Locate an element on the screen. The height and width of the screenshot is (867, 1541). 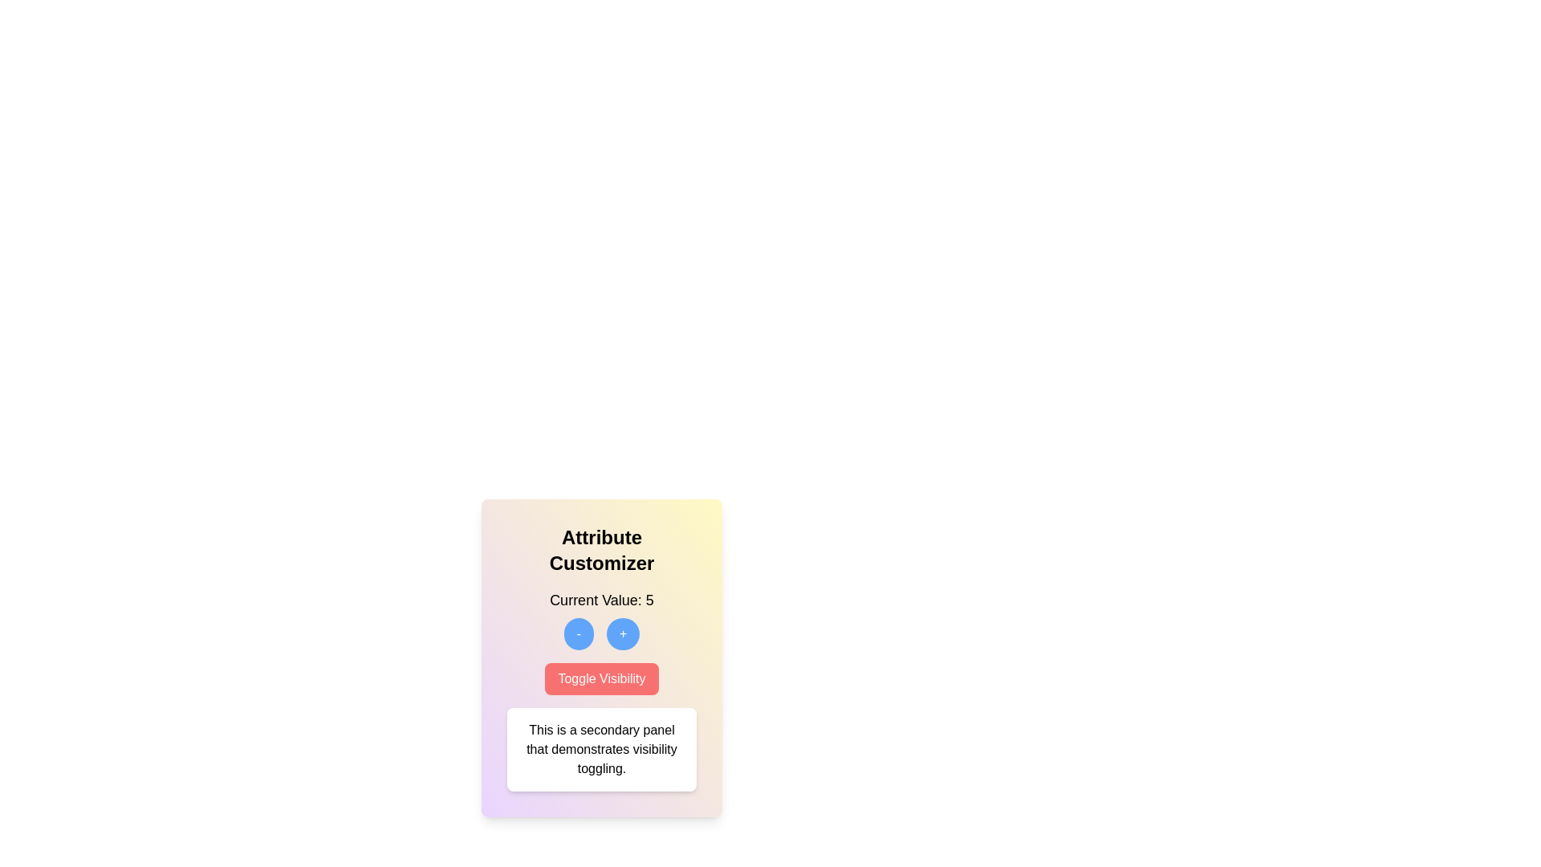
the toggle visibility button located below the blue buttons labeled '-' and '+' and above a white text box is located at coordinates (600, 678).